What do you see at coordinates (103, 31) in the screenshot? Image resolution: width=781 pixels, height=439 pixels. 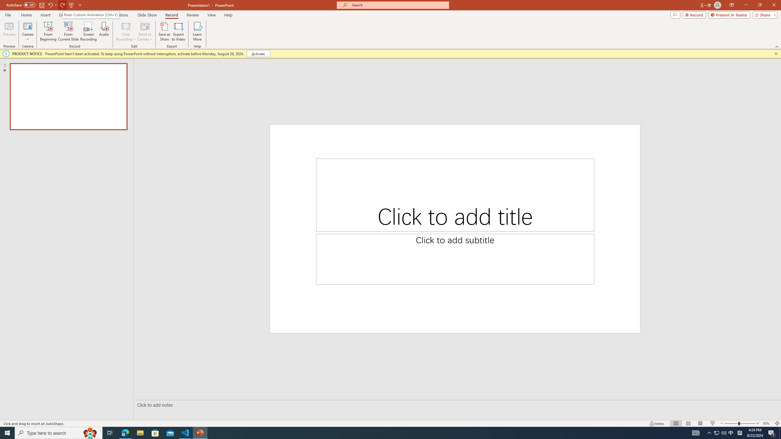 I see `'Audio'` at bounding box center [103, 31].